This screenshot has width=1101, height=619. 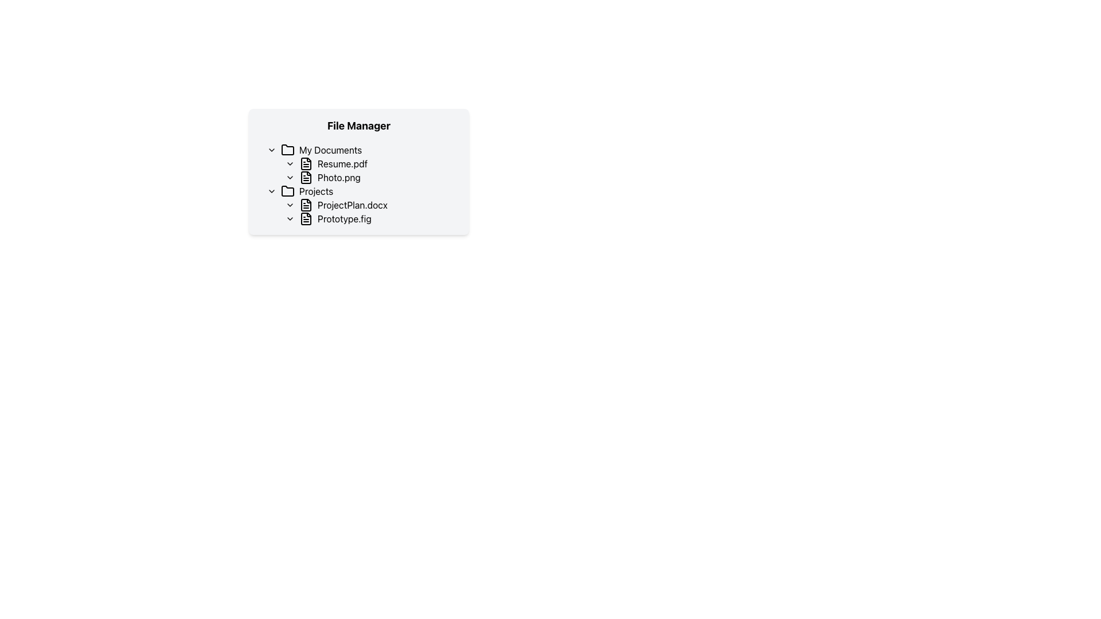 What do you see at coordinates (288, 190) in the screenshot?
I see `the Folder icon representing the 'Projects' folder in the file tree structure, which is positioned immediately before the text label 'Projects'` at bounding box center [288, 190].